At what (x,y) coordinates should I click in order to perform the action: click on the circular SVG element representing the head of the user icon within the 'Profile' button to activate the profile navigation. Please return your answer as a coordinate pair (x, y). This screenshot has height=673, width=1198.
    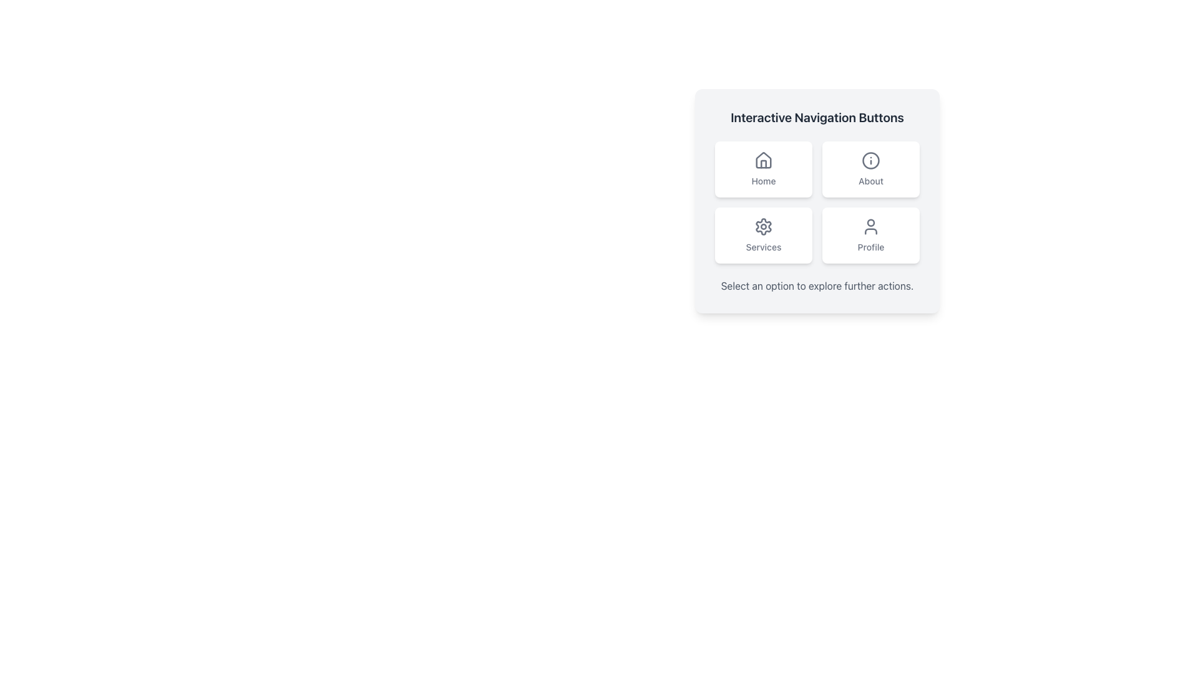
    Looking at the image, I should click on (870, 222).